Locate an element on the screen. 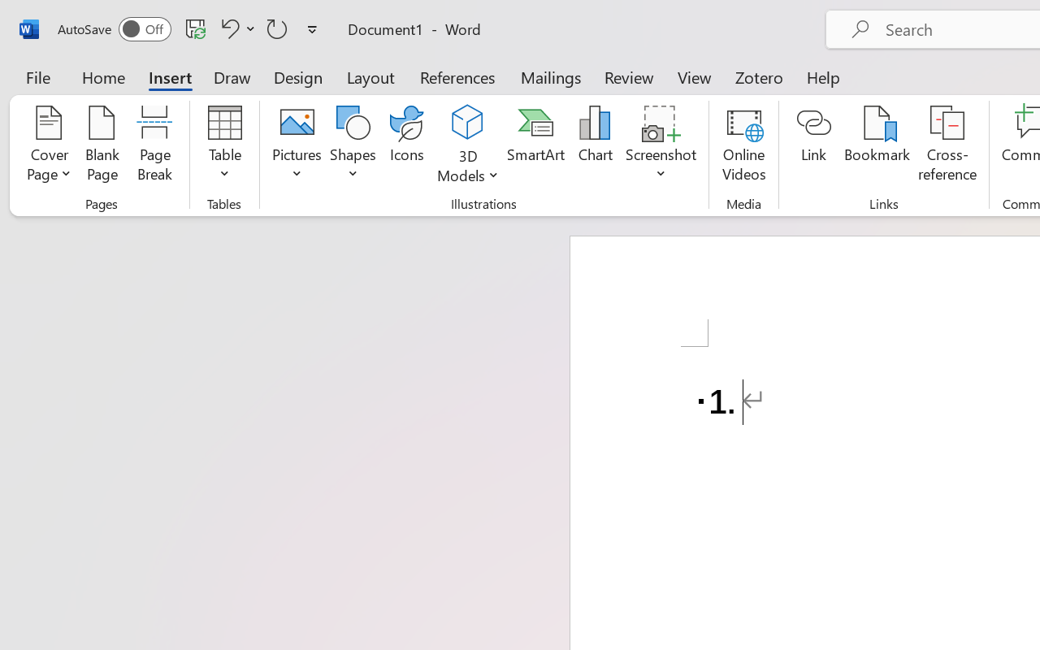  'Blank Page' is located at coordinates (102, 145).